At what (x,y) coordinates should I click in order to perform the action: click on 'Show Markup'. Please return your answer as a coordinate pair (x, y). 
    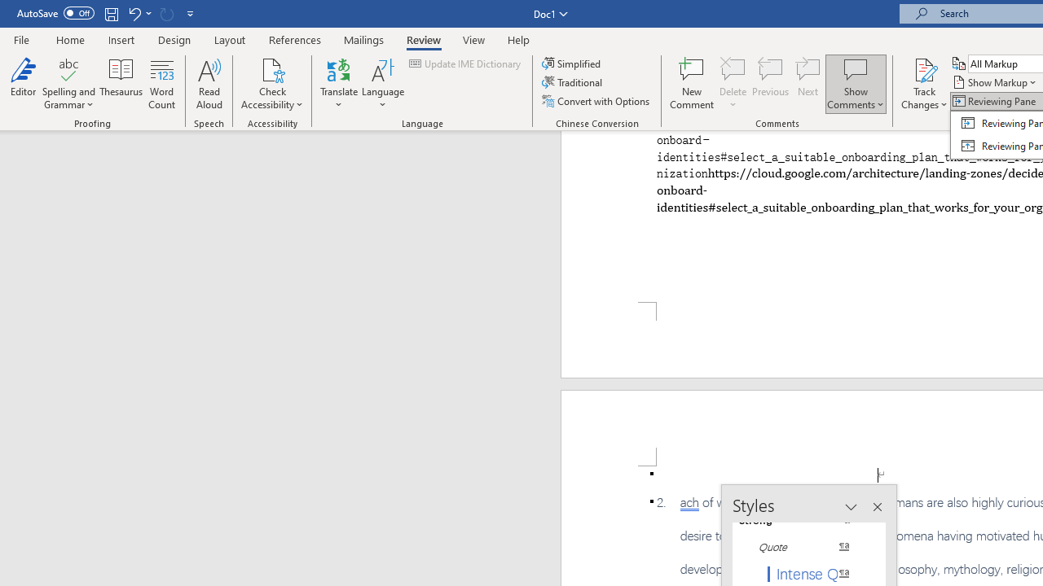
    Looking at the image, I should click on (995, 82).